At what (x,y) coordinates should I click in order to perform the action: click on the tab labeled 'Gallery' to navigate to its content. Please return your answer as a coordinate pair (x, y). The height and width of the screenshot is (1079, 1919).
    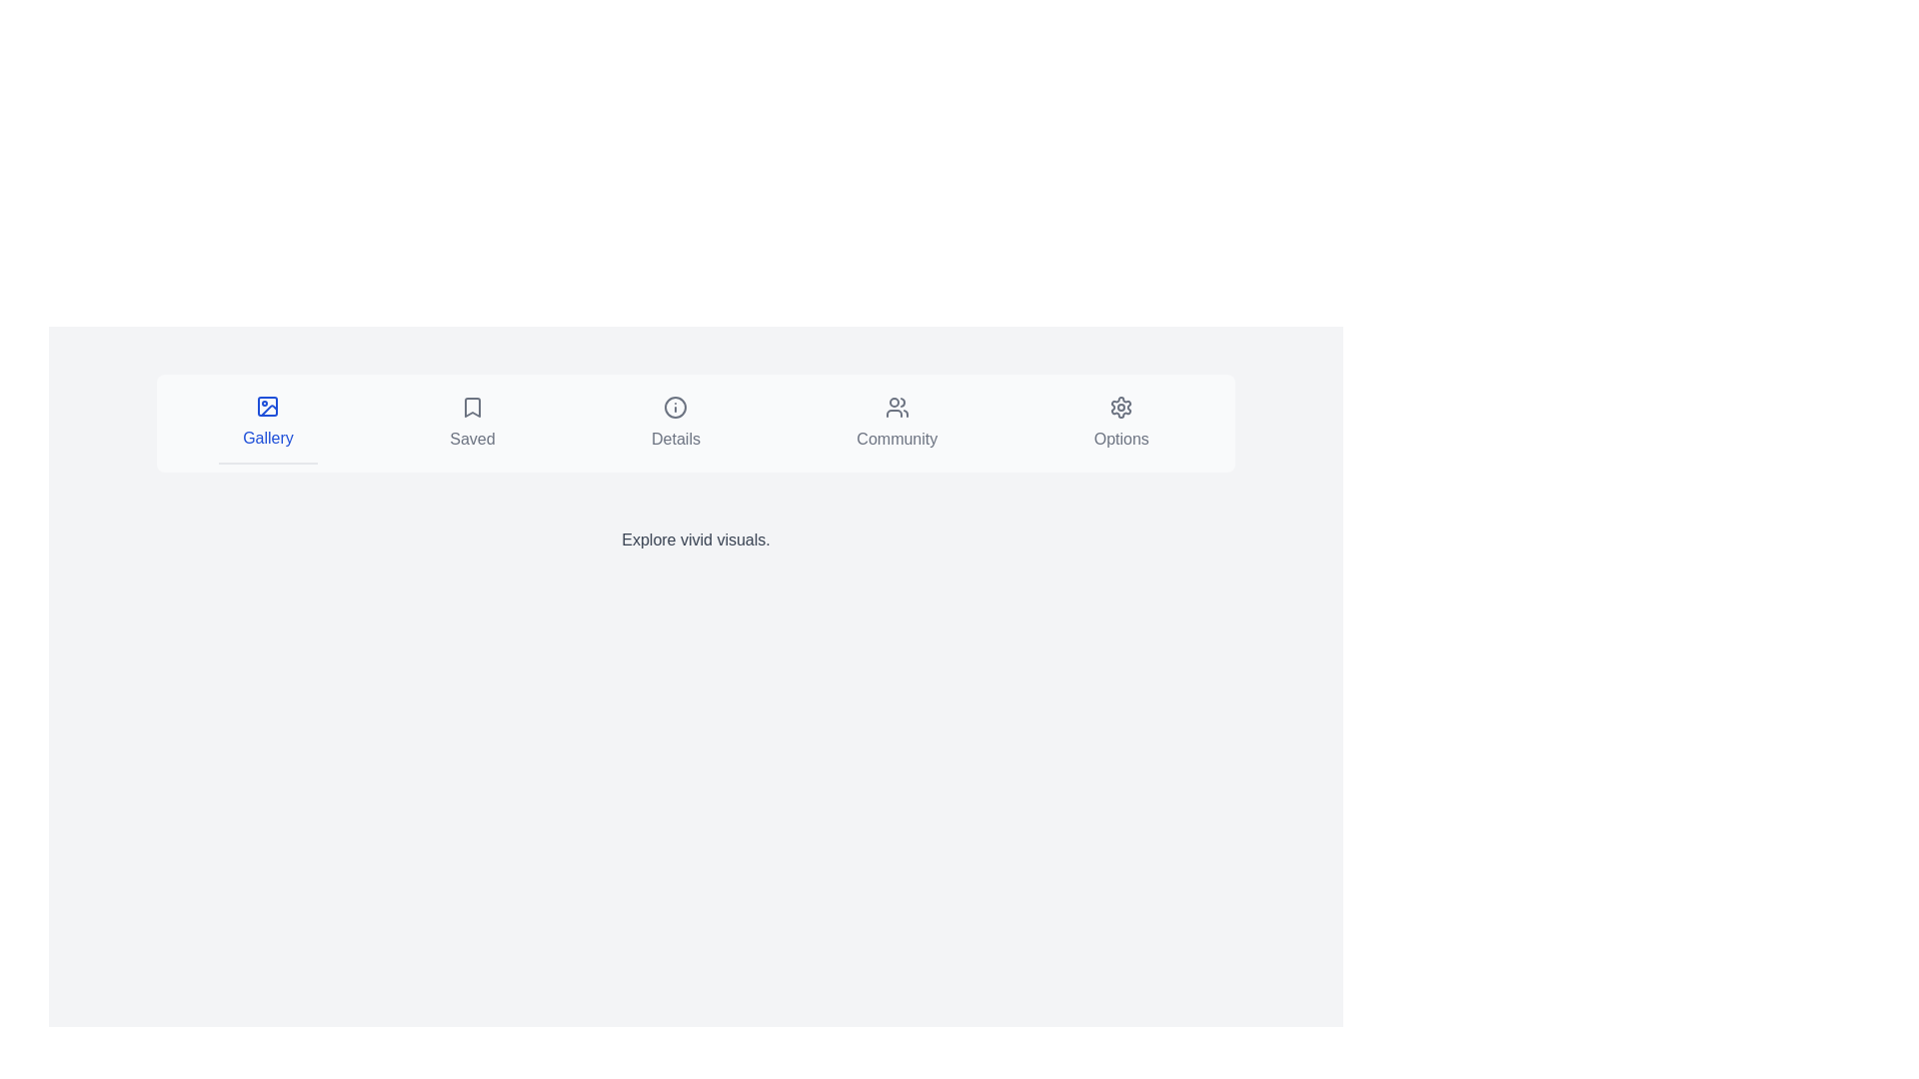
    Looking at the image, I should click on (267, 423).